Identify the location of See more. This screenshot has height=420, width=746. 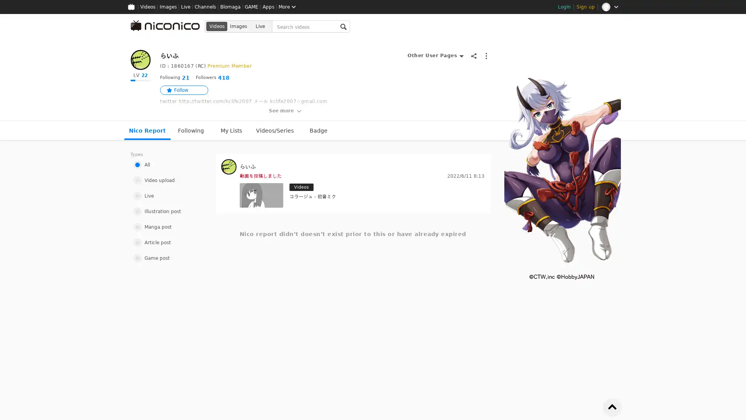
(285, 111).